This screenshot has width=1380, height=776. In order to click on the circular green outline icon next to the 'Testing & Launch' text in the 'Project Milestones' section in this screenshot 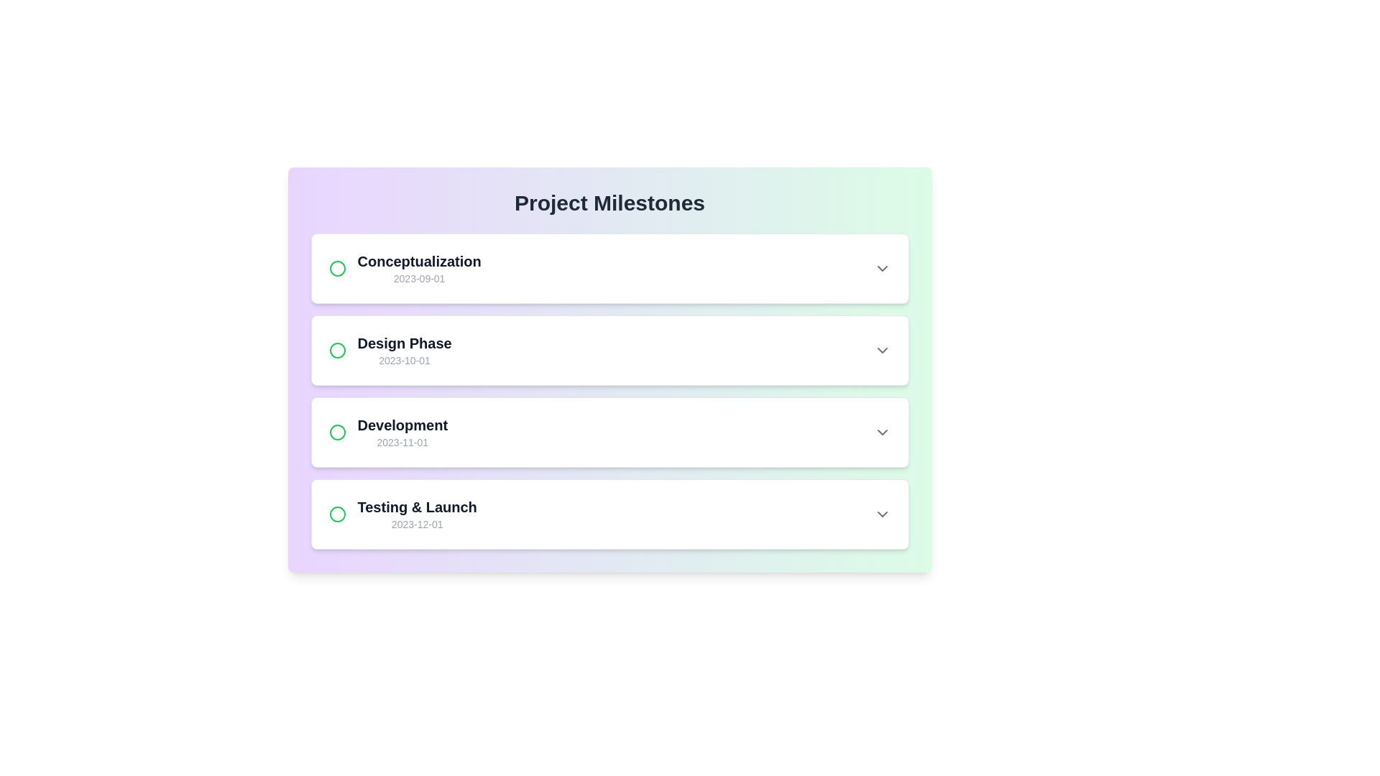, I will do `click(336, 514)`.